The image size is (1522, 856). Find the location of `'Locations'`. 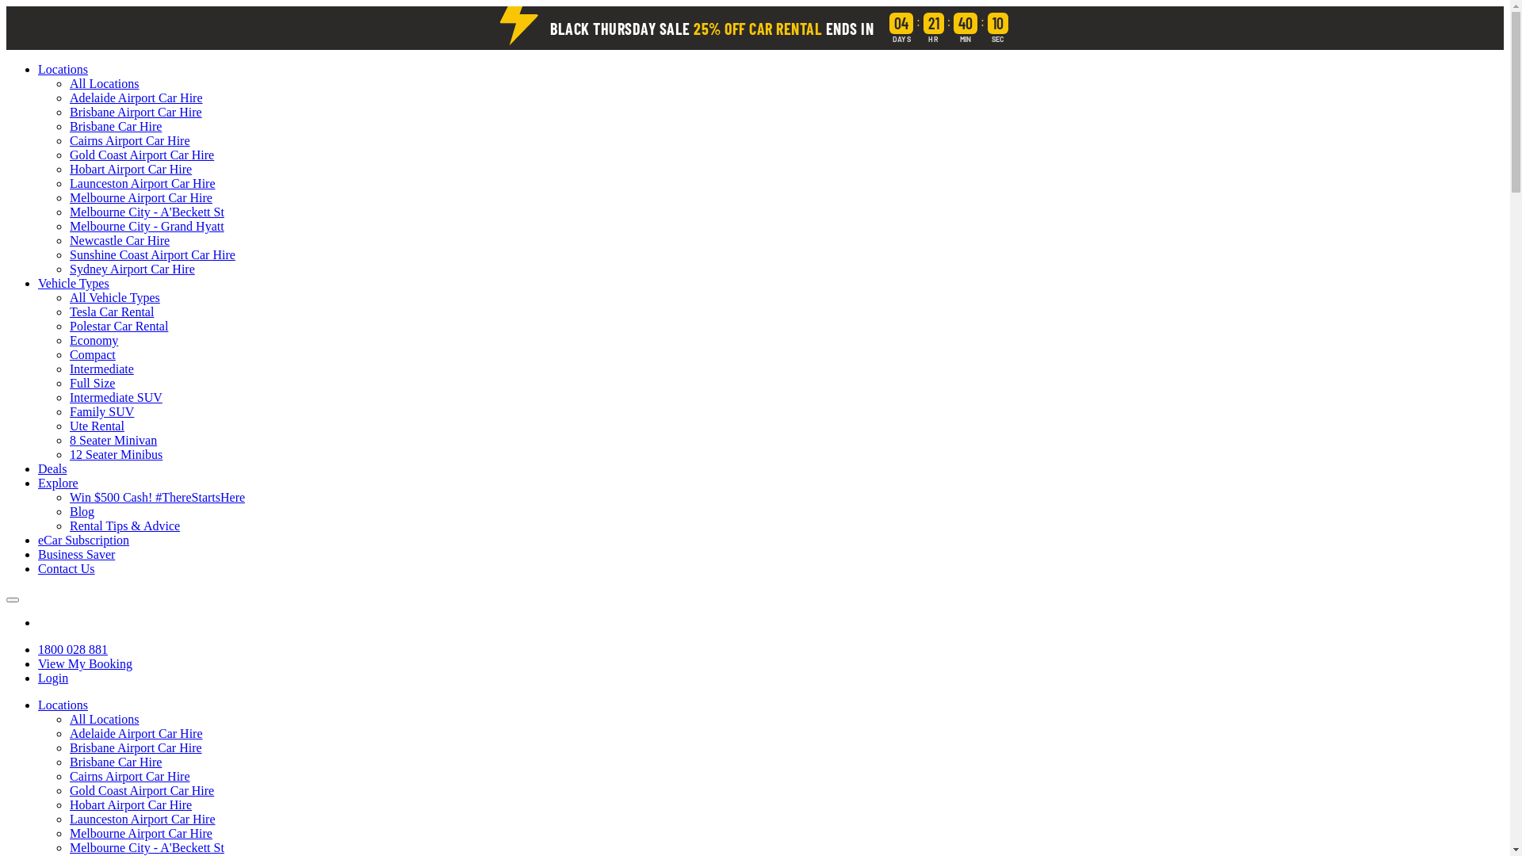

'Locations' is located at coordinates (63, 68).